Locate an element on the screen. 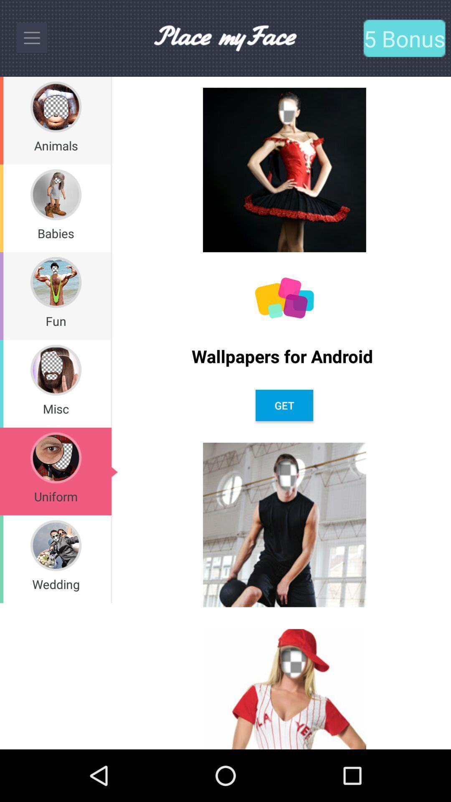 This screenshot has height=802, width=451. the icon to the left of wallpapers for android  icon is located at coordinates (111, 296).